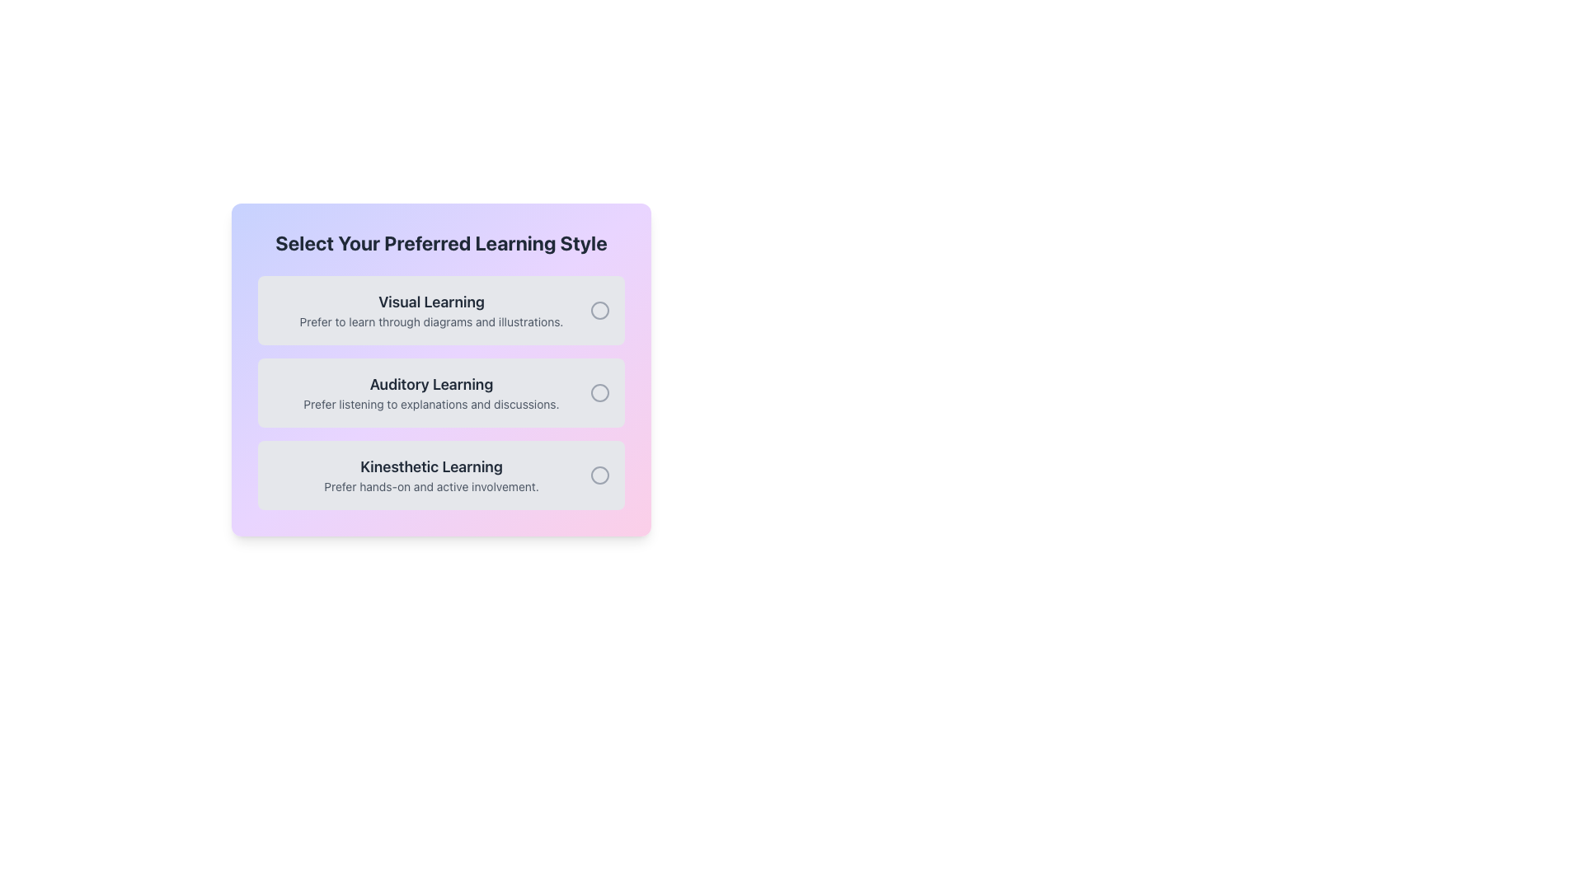 Image resolution: width=1583 pixels, height=890 pixels. I want to click on the auditory learning option card, which is the second item in a list of three learning preferences, so click(441, 393).